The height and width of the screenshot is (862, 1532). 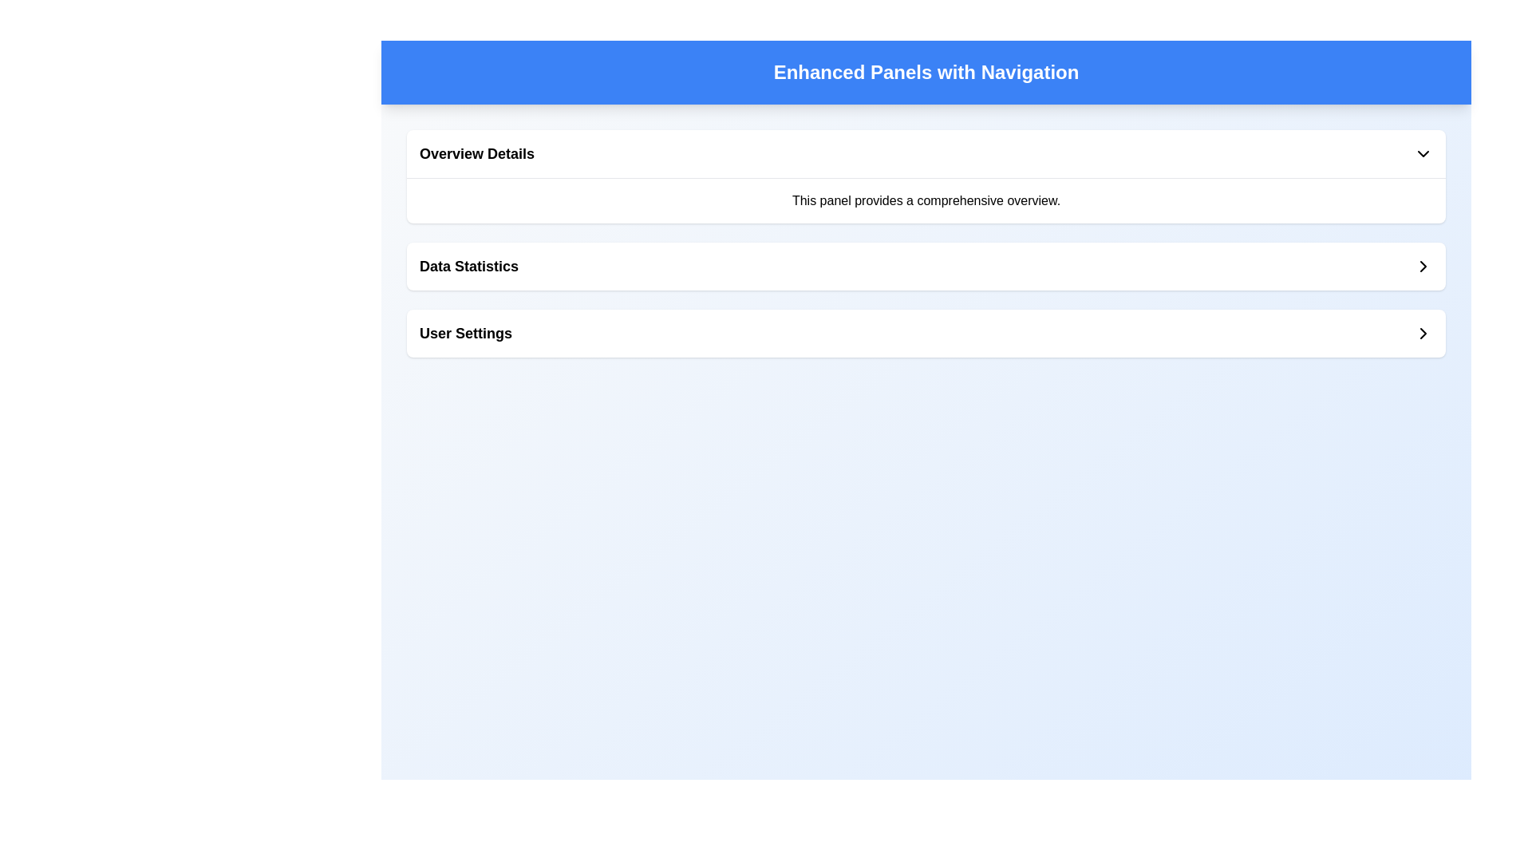 I want to click on the 'User Settings' text label, which is located on the third row of a vertically-aligned list of options, indicating user configuration or preferences, so click(x=465, y=332).